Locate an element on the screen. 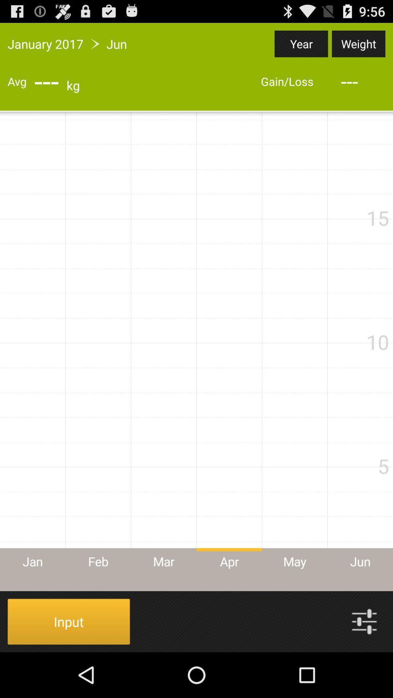 The height and width of the screenshot is (698, 393). the item next to the jun item is located at coordinates (301, 43).